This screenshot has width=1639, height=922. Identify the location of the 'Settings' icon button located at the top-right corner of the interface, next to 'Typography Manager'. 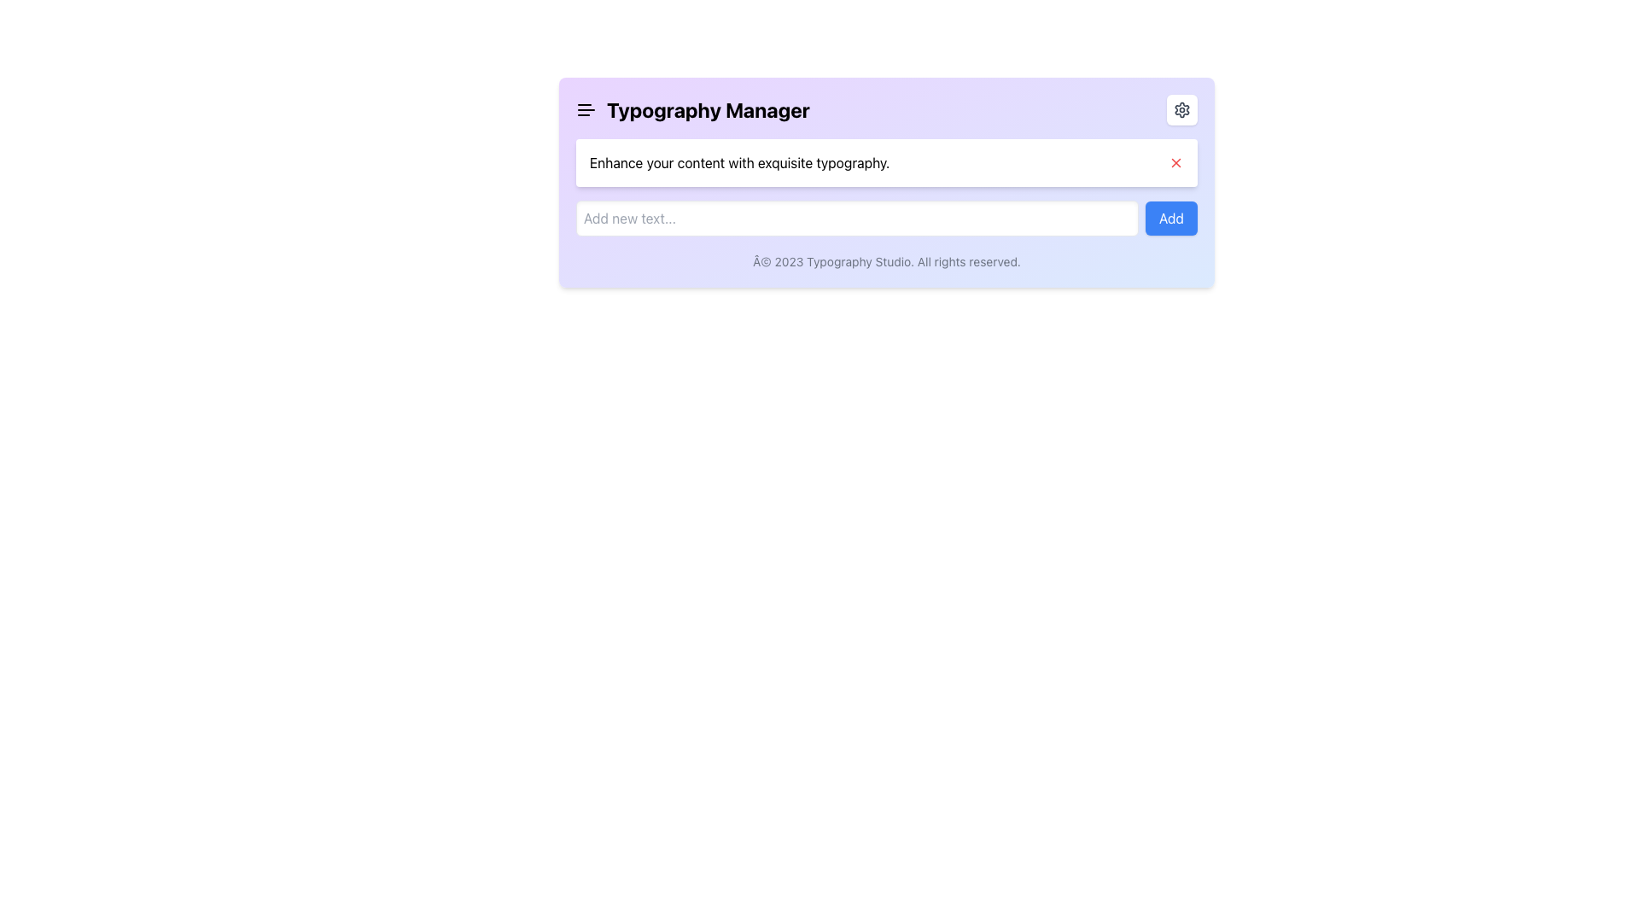
(1181, 109).